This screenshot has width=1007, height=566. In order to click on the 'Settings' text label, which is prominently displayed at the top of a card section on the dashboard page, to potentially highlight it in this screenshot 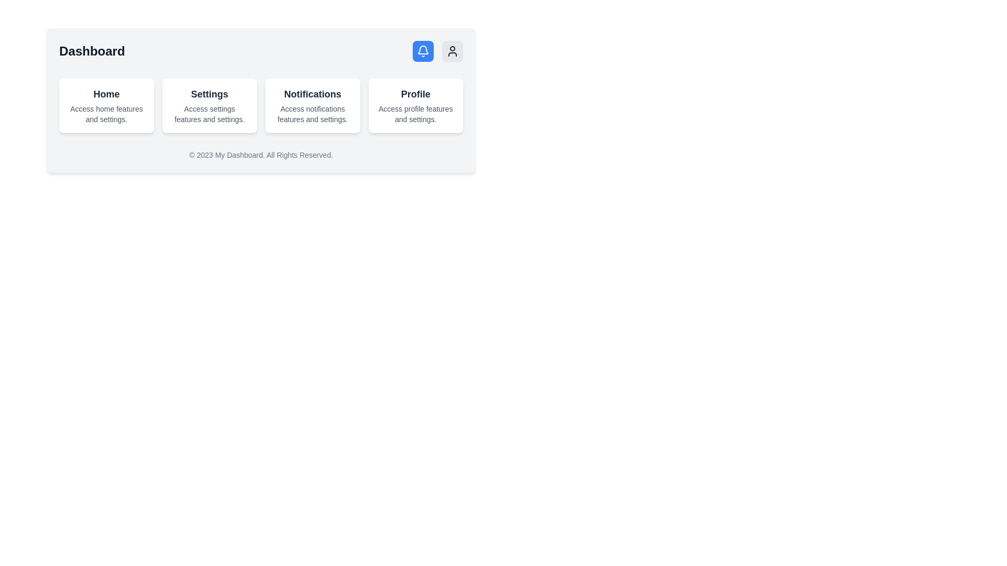, I will do `click(209, 94)`.